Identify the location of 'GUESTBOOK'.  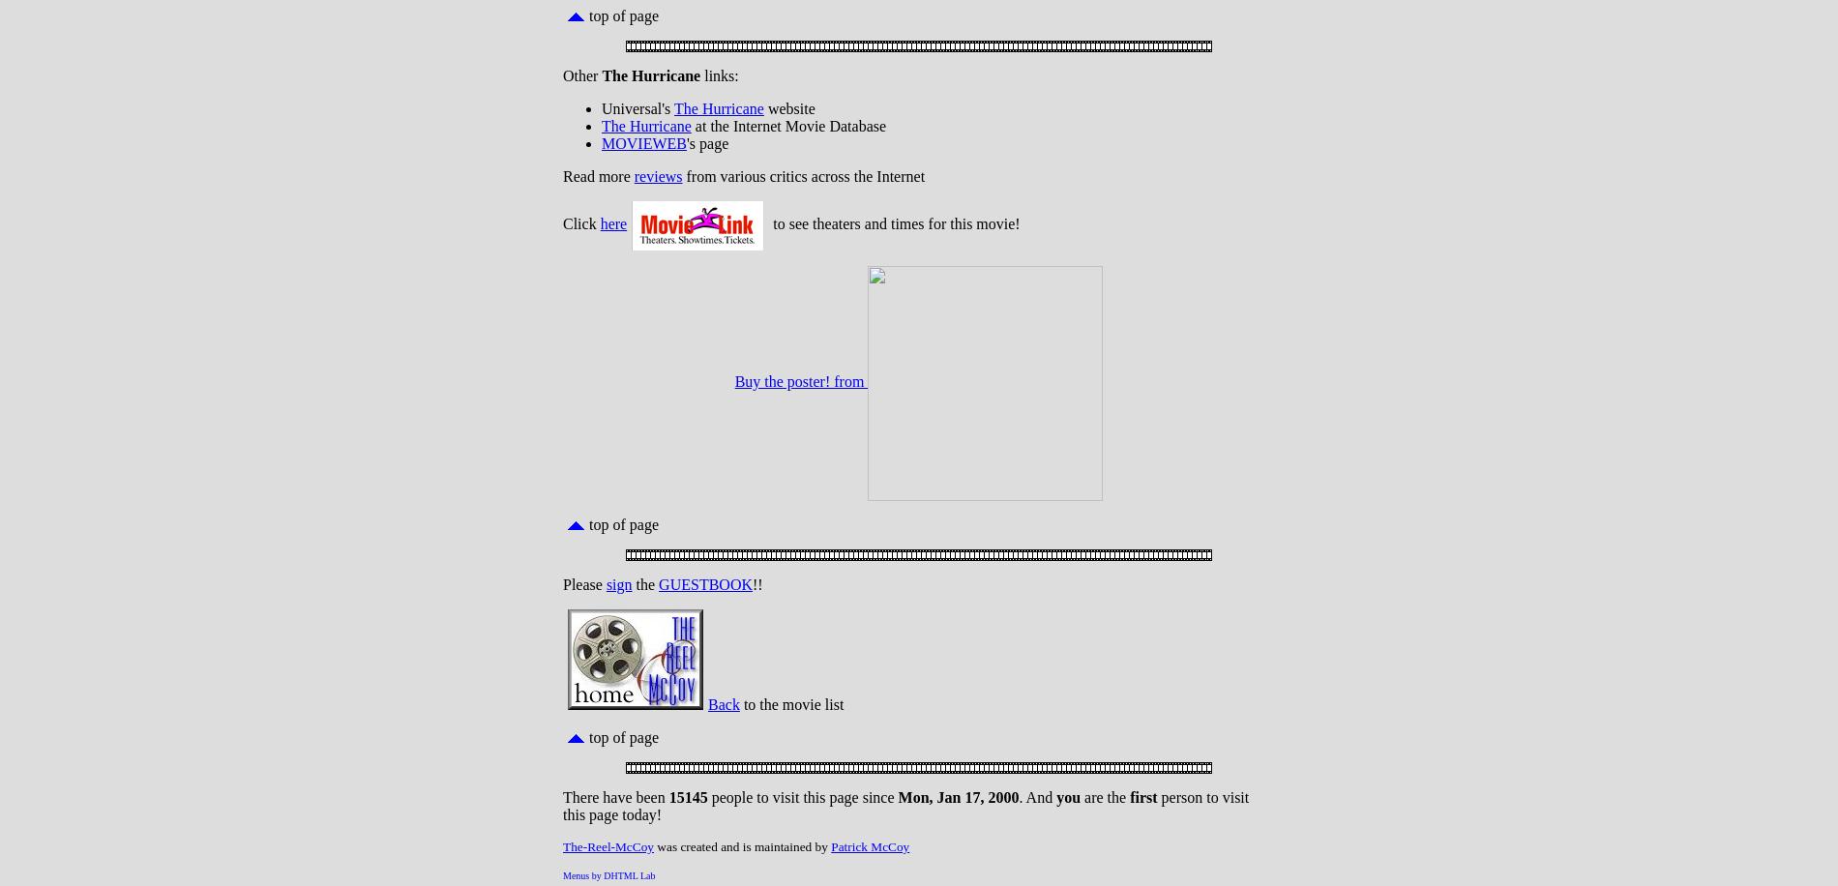
(704, 584).